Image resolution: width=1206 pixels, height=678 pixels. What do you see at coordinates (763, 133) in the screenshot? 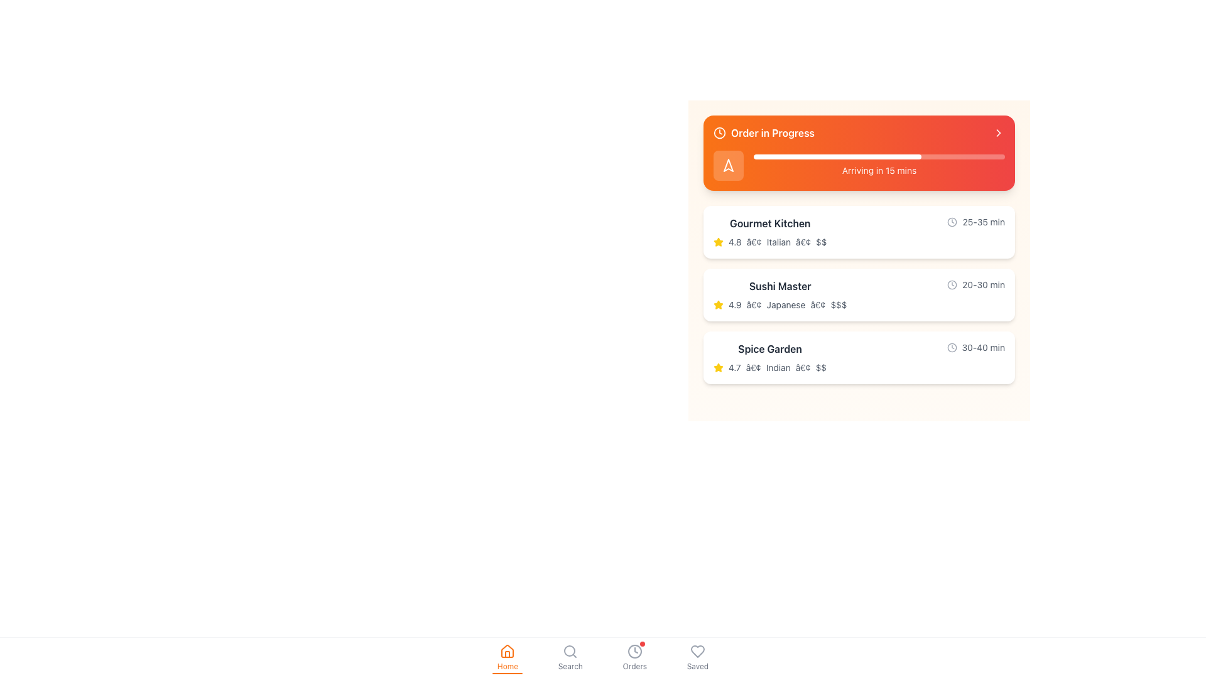
I see `'Order in Progress' text from the Text and Icon Label element, which features a clock icon on its left and is prominently displayed on an orange-red gradient background` at bounding box center [763, 133].